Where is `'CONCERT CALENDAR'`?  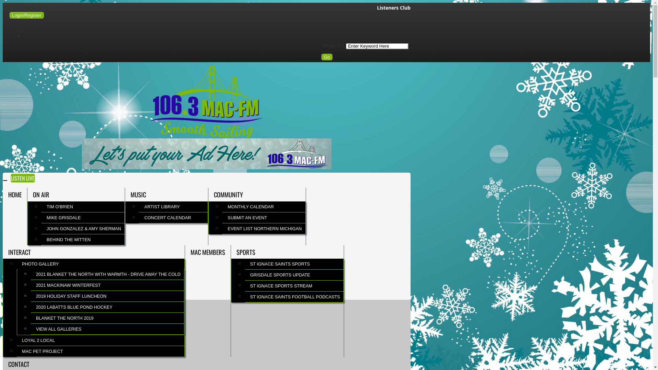
'CONCERT CALENDAR' is located at coordinates (173, 218).